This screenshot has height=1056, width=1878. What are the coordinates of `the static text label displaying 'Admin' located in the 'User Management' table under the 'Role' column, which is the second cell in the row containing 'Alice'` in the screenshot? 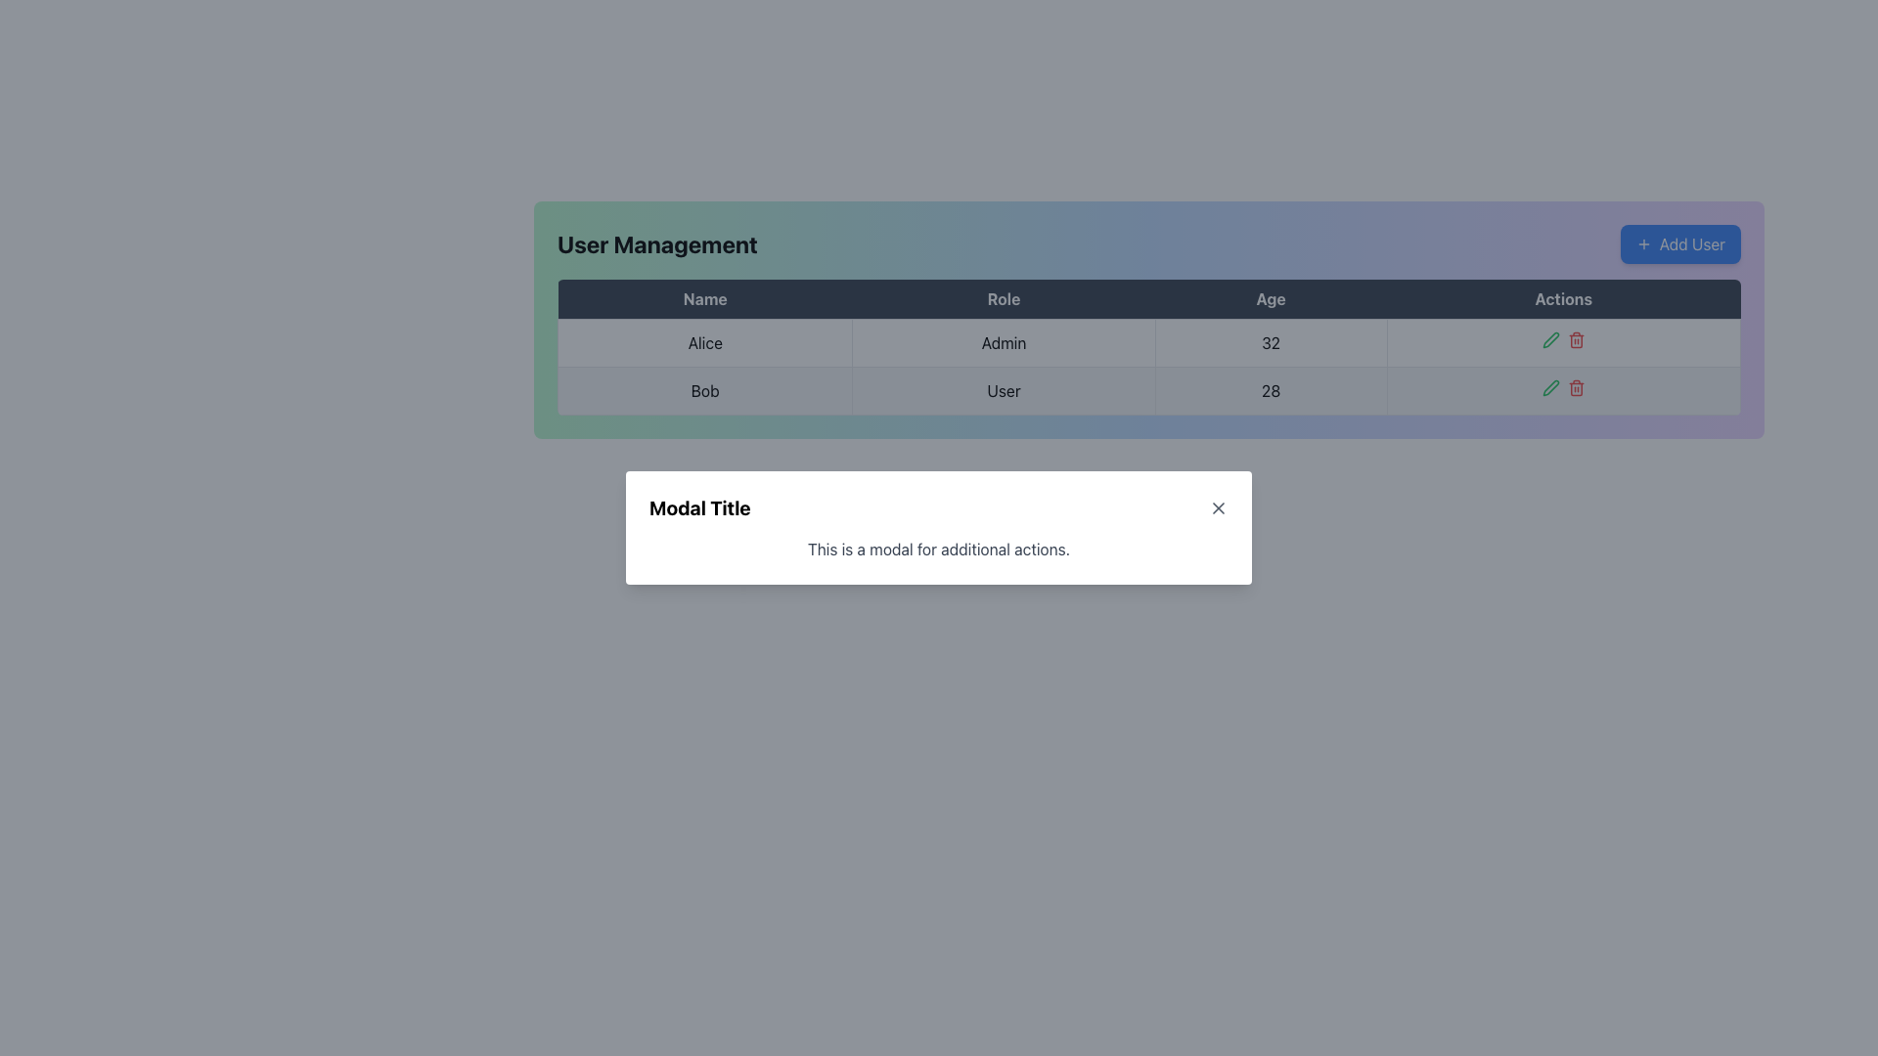 It's located at (1004, 342).